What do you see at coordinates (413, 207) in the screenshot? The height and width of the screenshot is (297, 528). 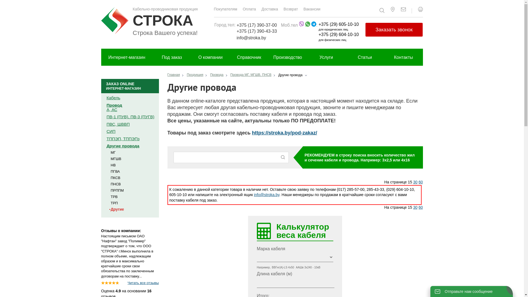 I see `'30'` at bounding box center [413, 207].